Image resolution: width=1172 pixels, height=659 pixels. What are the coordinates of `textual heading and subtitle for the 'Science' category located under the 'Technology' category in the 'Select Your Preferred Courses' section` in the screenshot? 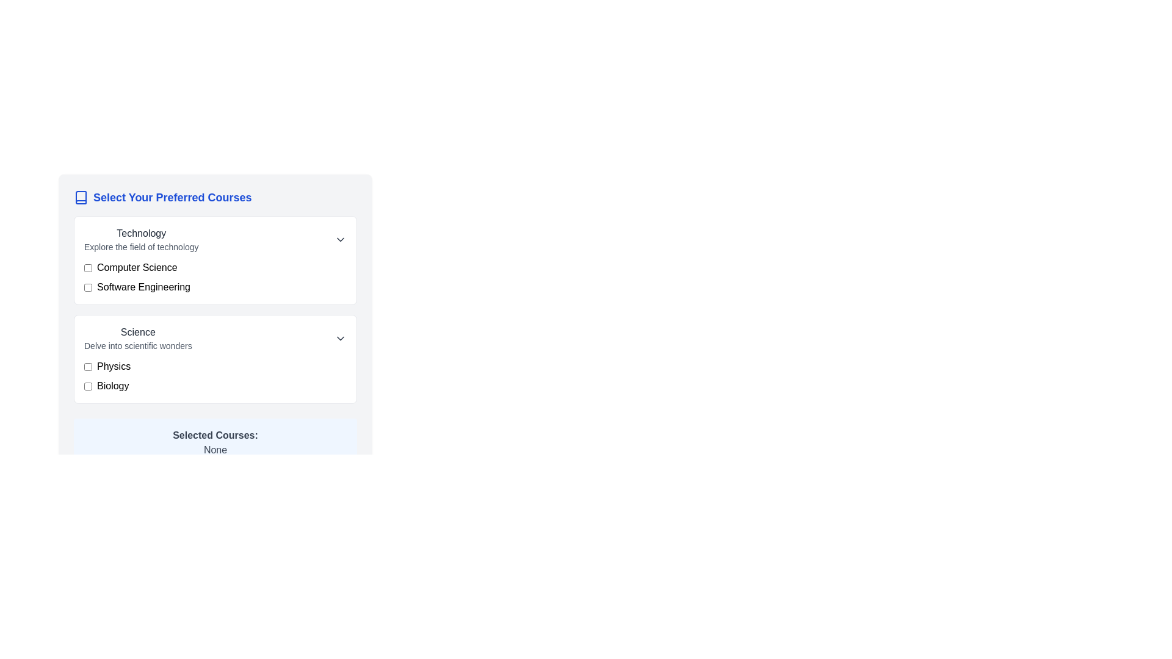 It's located at (138, 339).